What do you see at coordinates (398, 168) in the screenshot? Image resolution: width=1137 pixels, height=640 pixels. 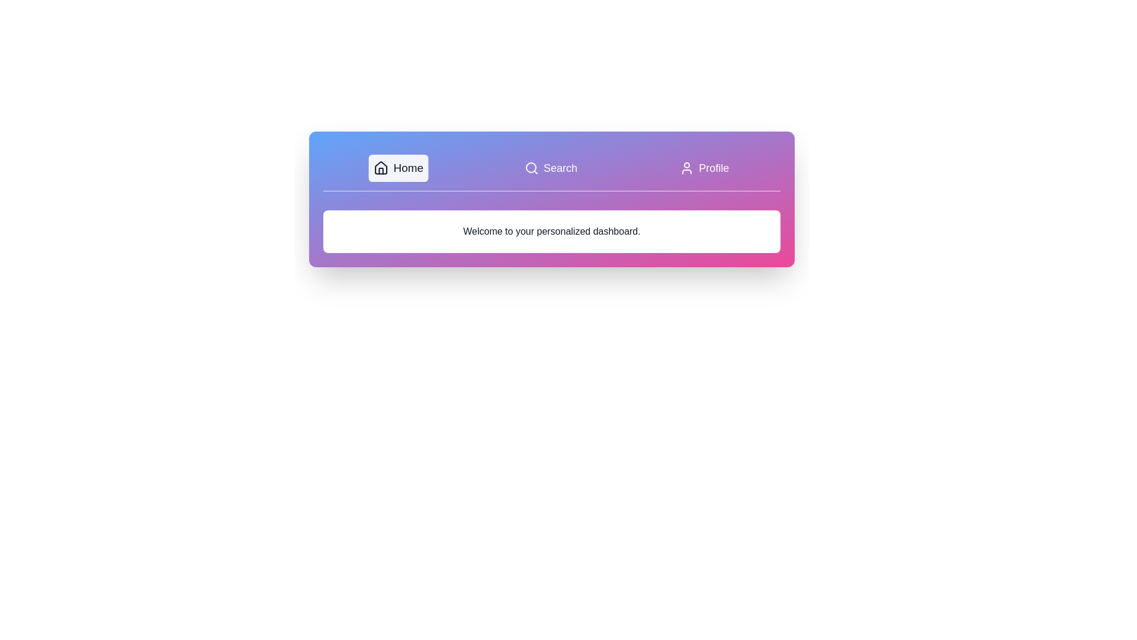 I see `the Home tab to observe the hover effect` at bounding box center [398, 168].